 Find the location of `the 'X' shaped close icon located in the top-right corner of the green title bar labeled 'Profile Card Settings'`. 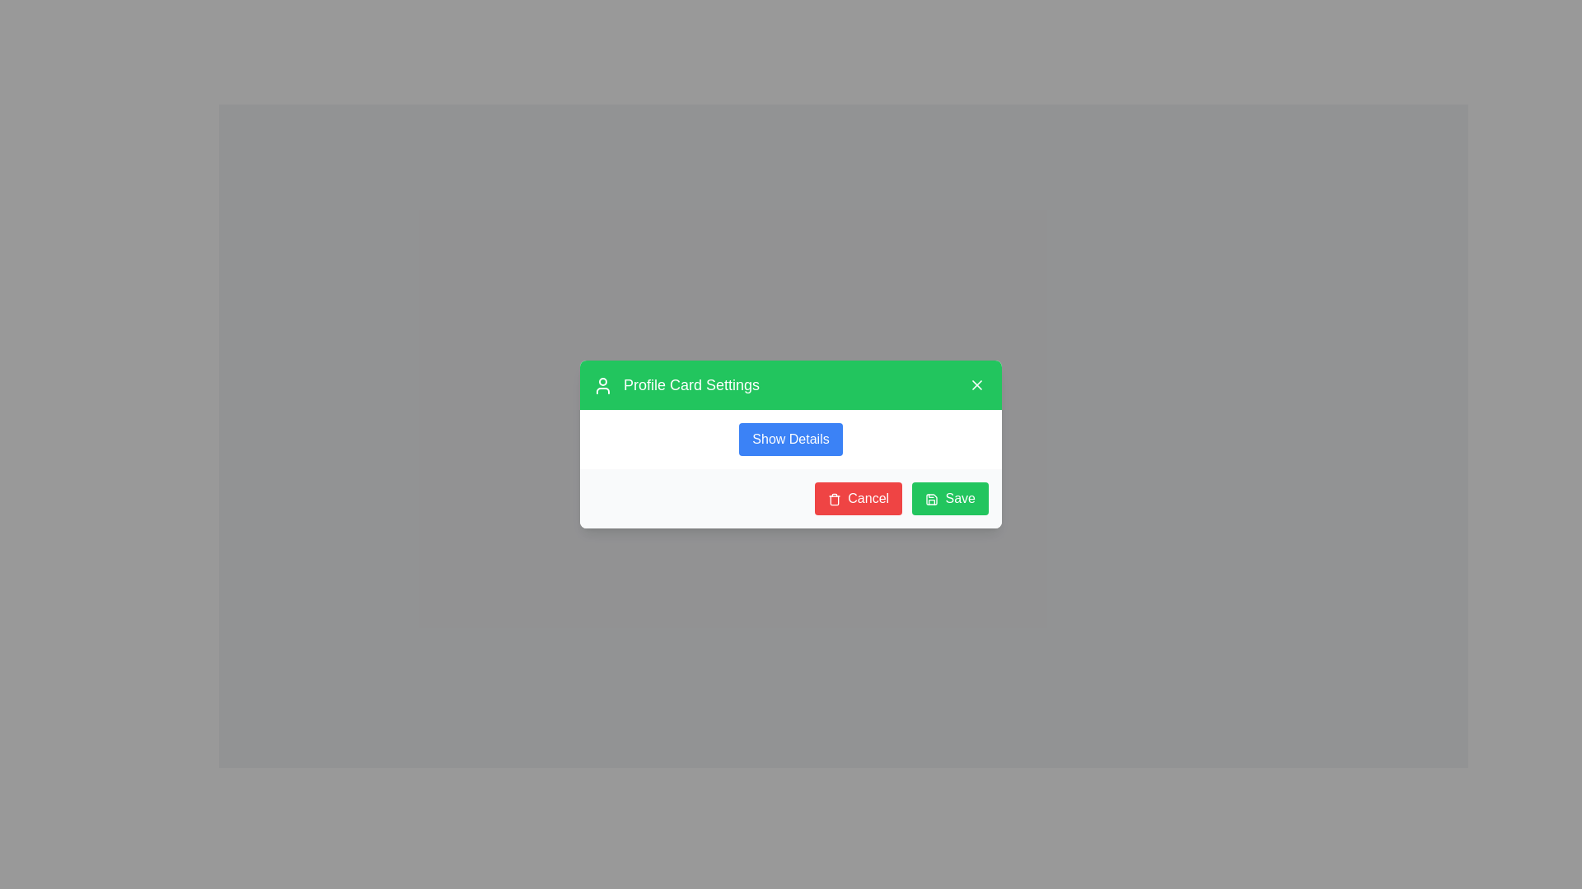

the 'X' shaped close icon located in the top-right corner of the green title bar labeled 'Profile Card Settings' is located at coordinates (976, 384).